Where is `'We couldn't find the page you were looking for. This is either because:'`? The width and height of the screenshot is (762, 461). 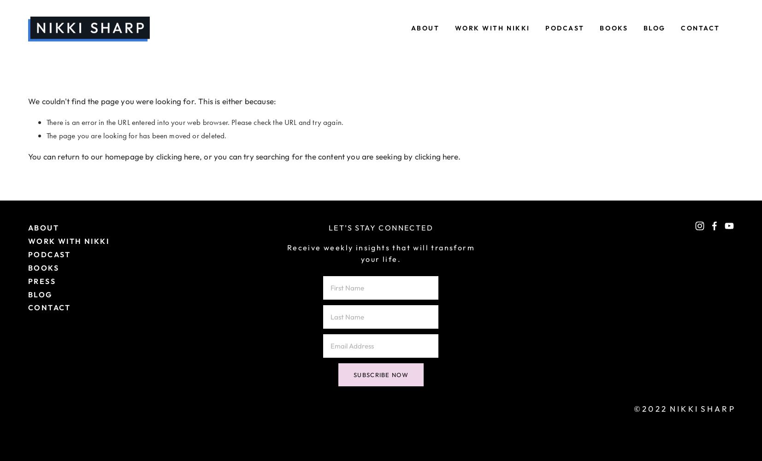
'We couldn't find the page you were looking for. This is either because:' is located at coordinates (151, 100).